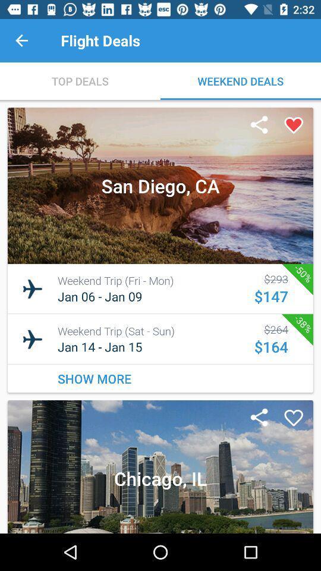 The height and width of the screenshot is (571, 321). What do you see at coordinates (21, 40) in the screenshot?
I see `the item to the left of the flight deals icon` at bounding box center [21, 40].